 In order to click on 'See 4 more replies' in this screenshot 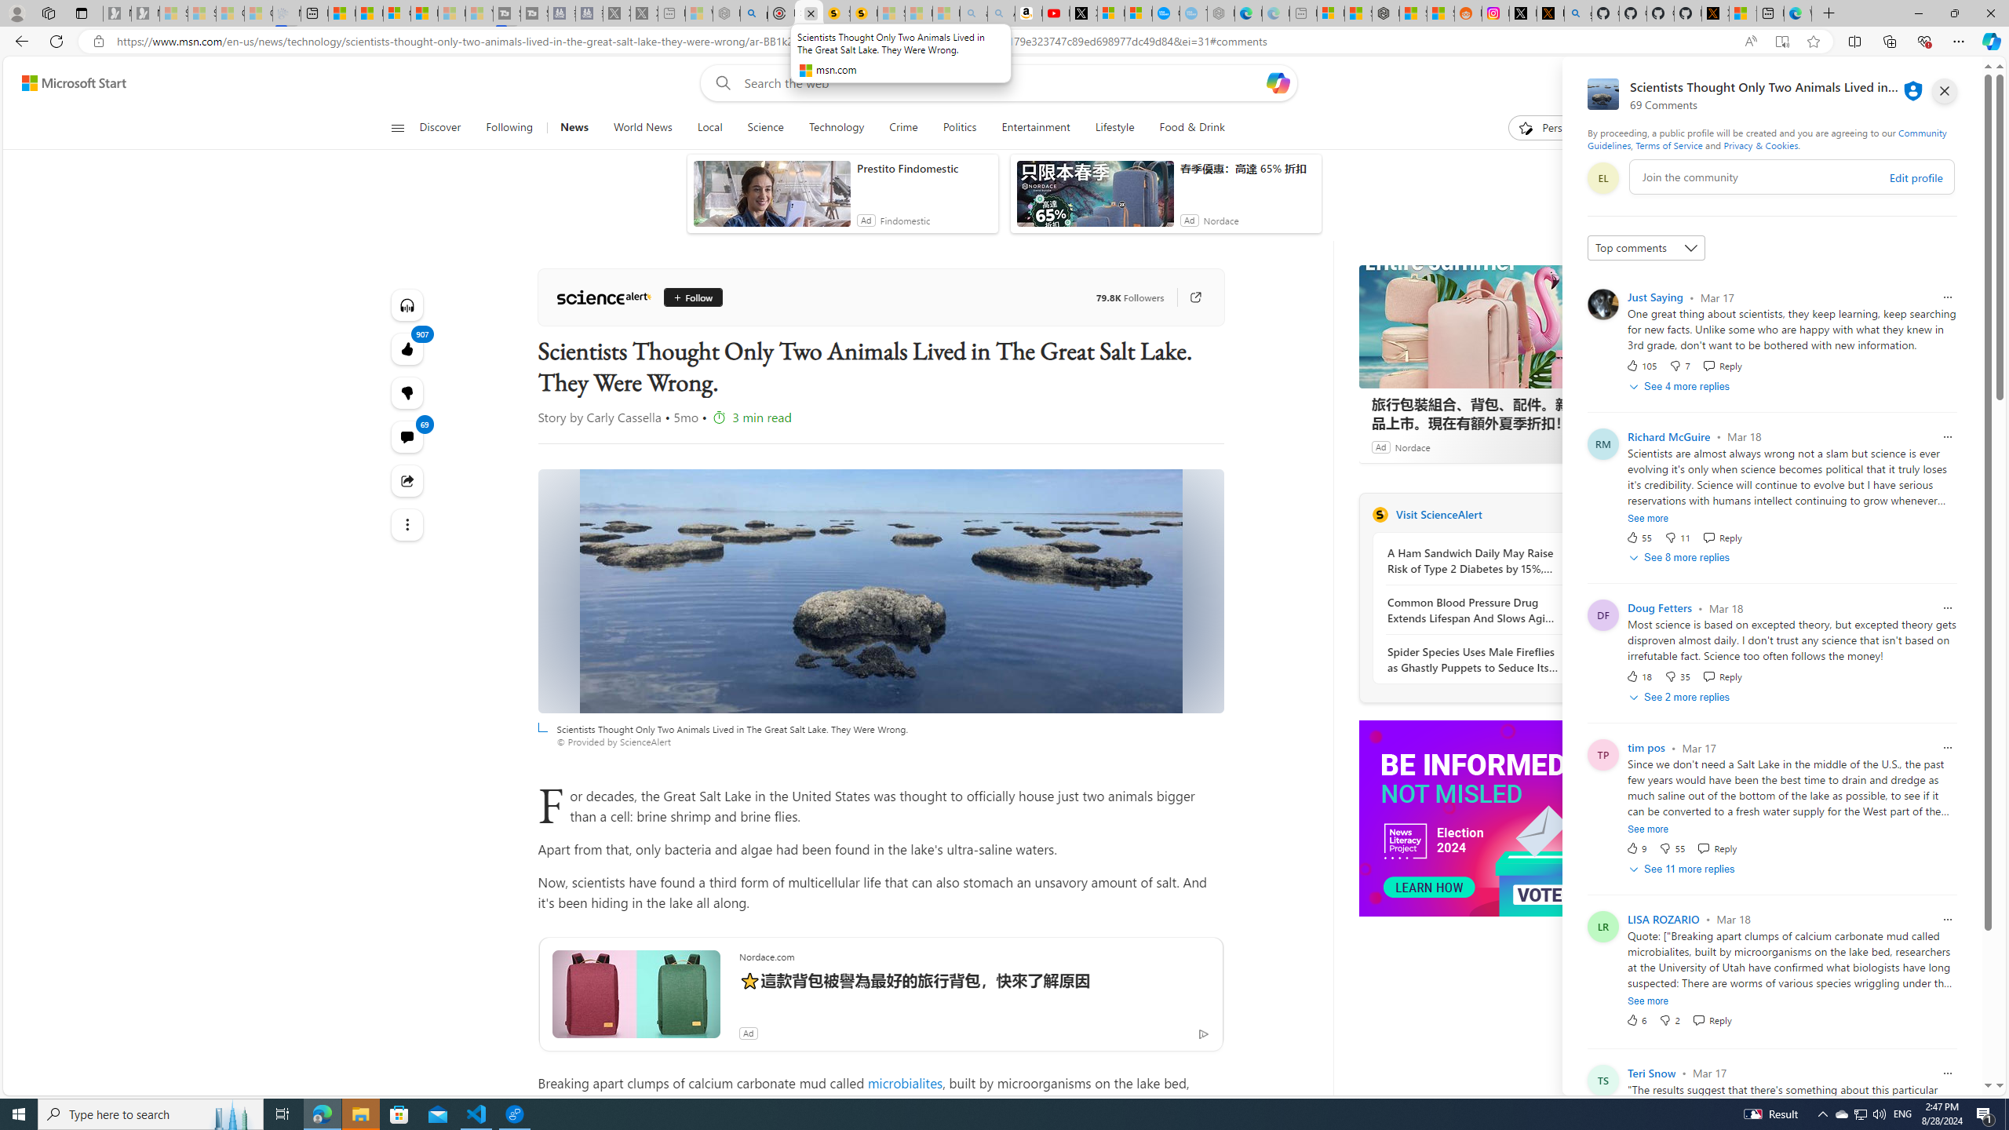, I will do `click(1680, 385)`.